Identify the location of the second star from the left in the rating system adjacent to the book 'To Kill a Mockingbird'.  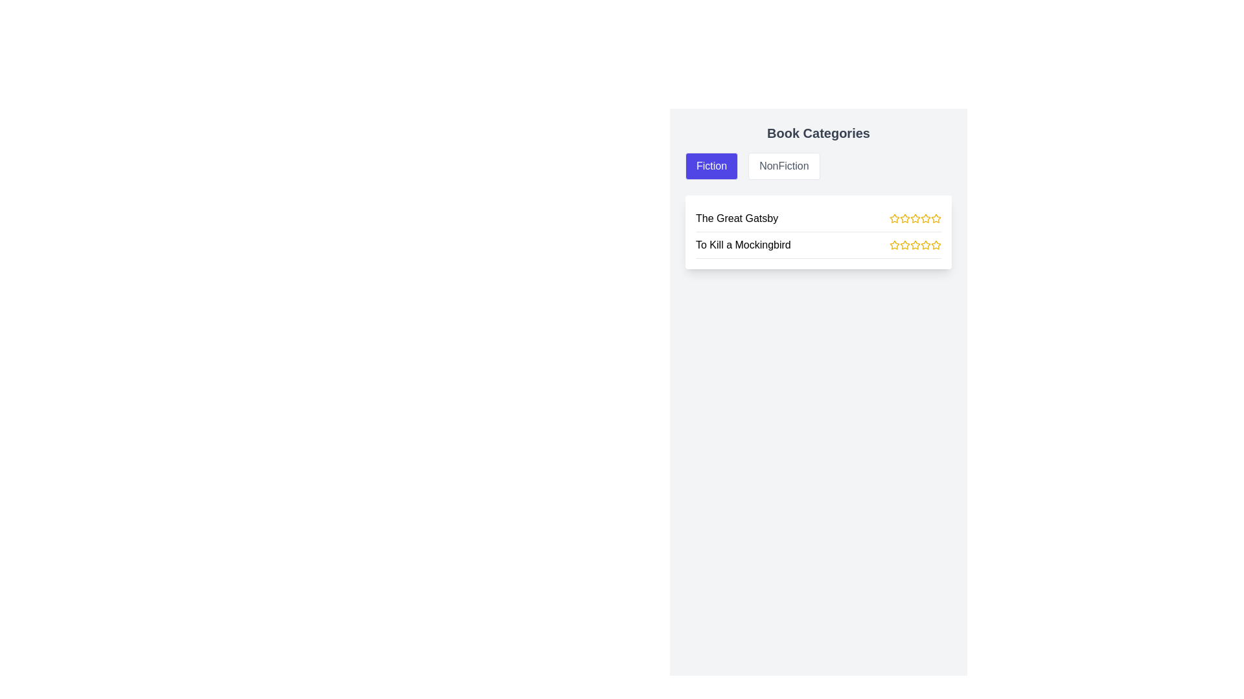
(904, 245).